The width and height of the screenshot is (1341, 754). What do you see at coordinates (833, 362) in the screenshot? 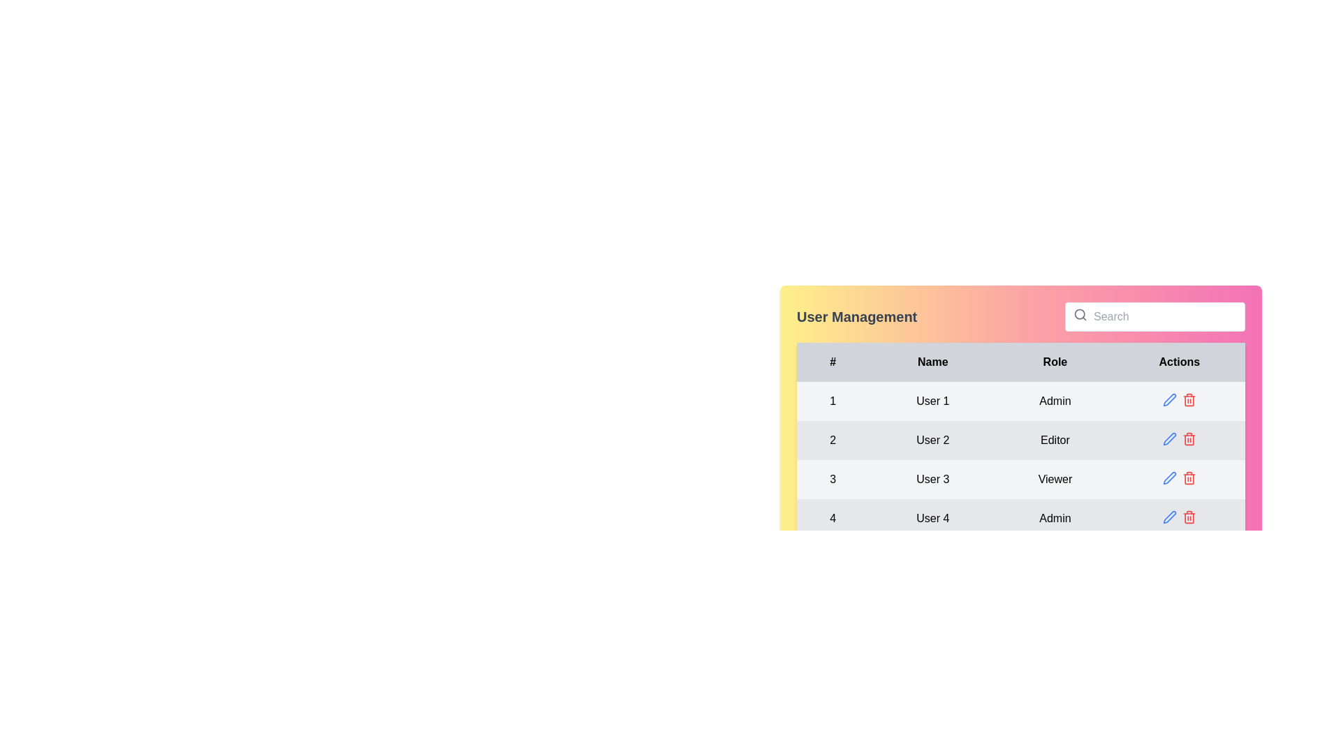
I see `the Table header cell containing the '#' symbol, which is the first cell in the header row of the user management table` at bounding box center [833, 362].